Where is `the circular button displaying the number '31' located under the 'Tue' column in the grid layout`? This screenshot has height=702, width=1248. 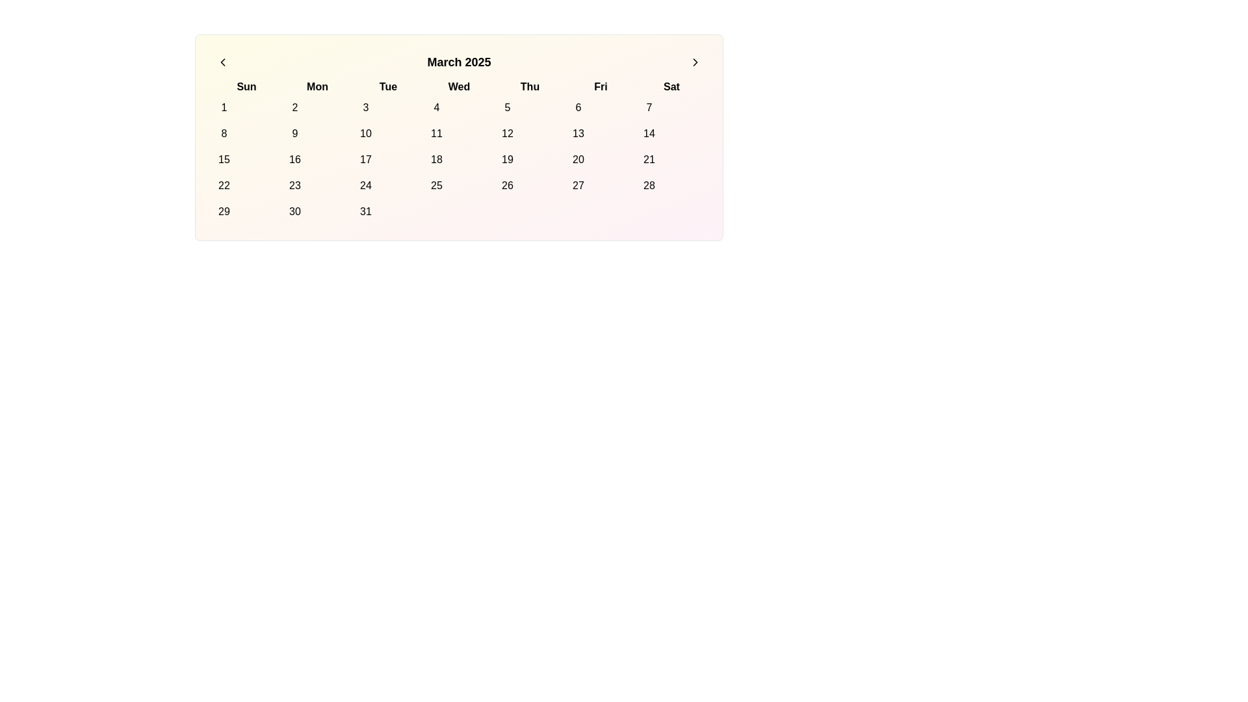 the circular button displaying the number '31' located under the 'Tue' column in the grid layout is located at coordinates (365, 211).